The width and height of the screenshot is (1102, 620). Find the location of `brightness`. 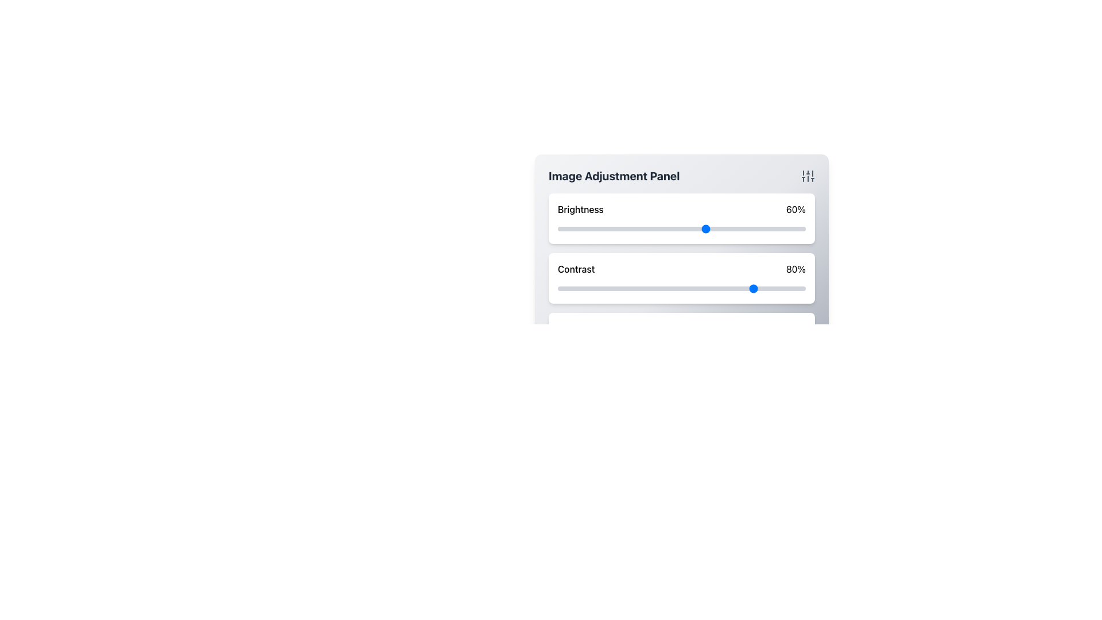

brightness is located at coordinates (689, 228).